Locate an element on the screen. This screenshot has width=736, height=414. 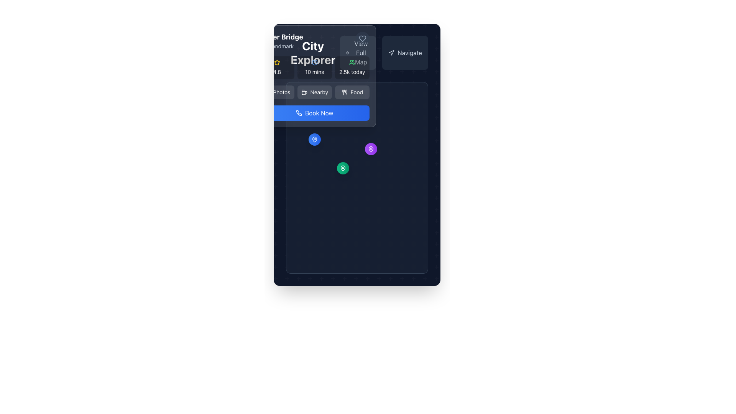
the Information display widget, which shows a duration metric and is centrally placed among three horizontally aligned widgets at the top of the main page is located at coordinates (314, 67).